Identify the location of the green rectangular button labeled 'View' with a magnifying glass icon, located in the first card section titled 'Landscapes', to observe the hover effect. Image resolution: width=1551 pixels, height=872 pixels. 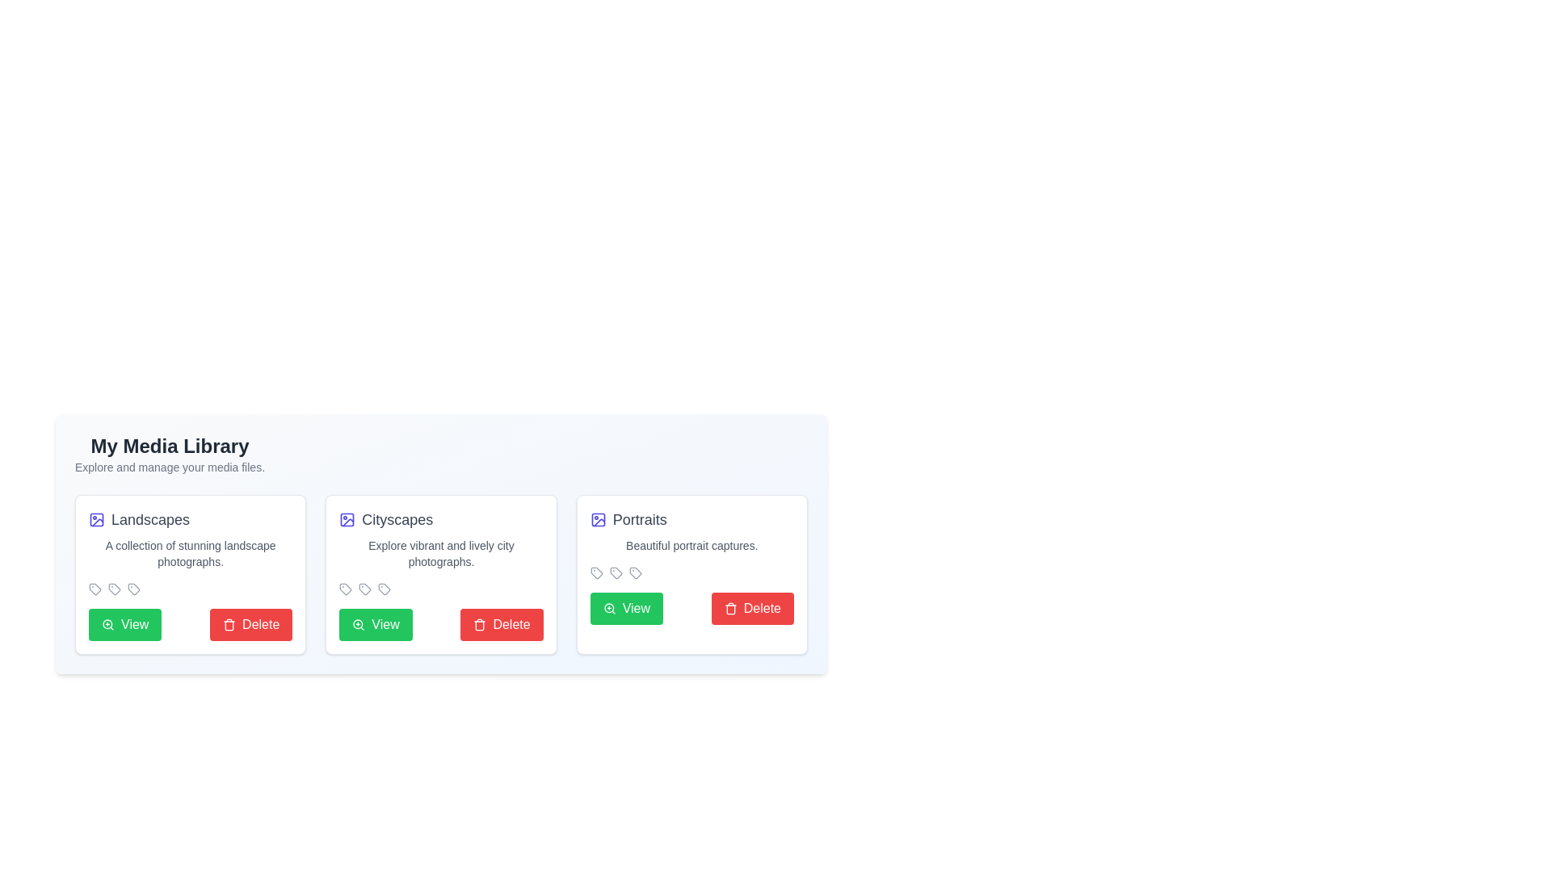
(124, 624).